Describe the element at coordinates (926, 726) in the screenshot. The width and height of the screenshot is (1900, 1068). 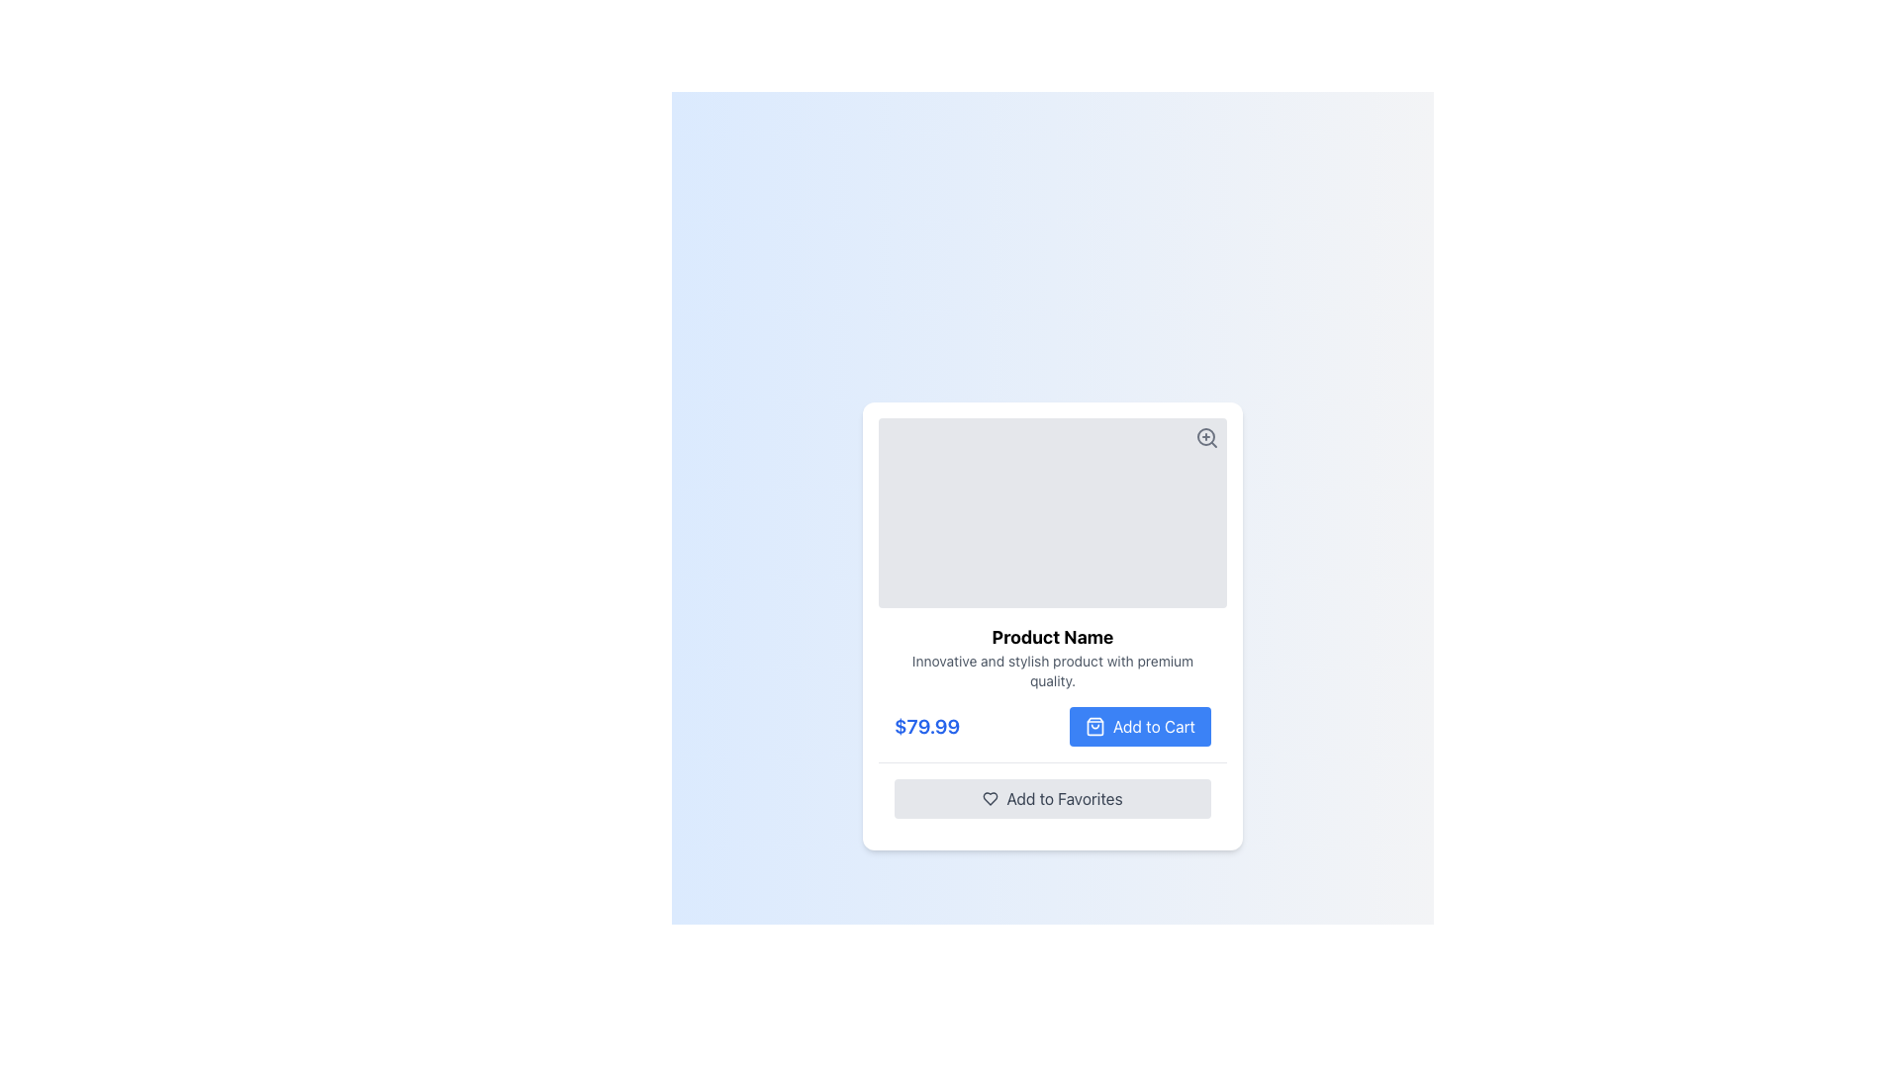
I see `text value of the pricing label displaying '$79.99', which is prominently located below the product description and to the left of the 'Add to Cart' button` at that location.